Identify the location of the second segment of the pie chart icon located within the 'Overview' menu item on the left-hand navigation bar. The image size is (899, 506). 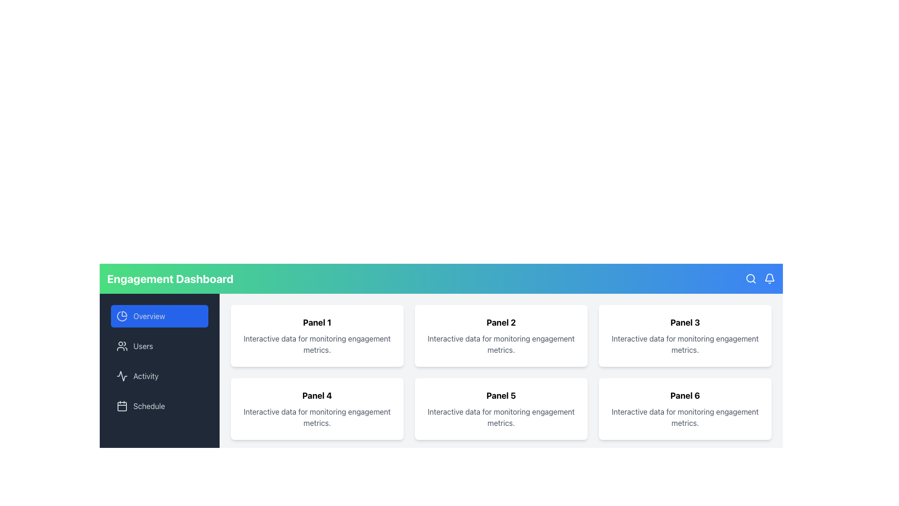
(121, 316).